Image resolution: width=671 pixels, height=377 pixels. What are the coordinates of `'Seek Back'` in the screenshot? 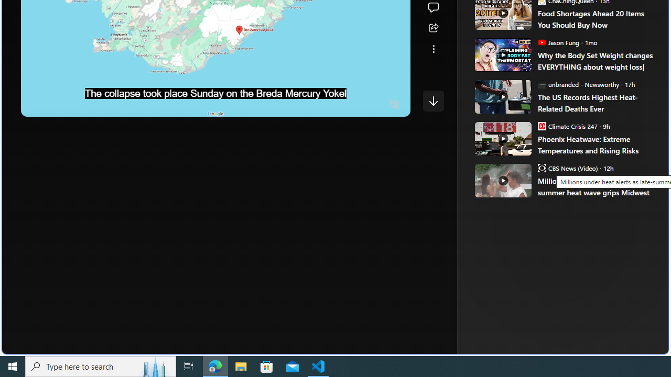 It's located at (57, 105).